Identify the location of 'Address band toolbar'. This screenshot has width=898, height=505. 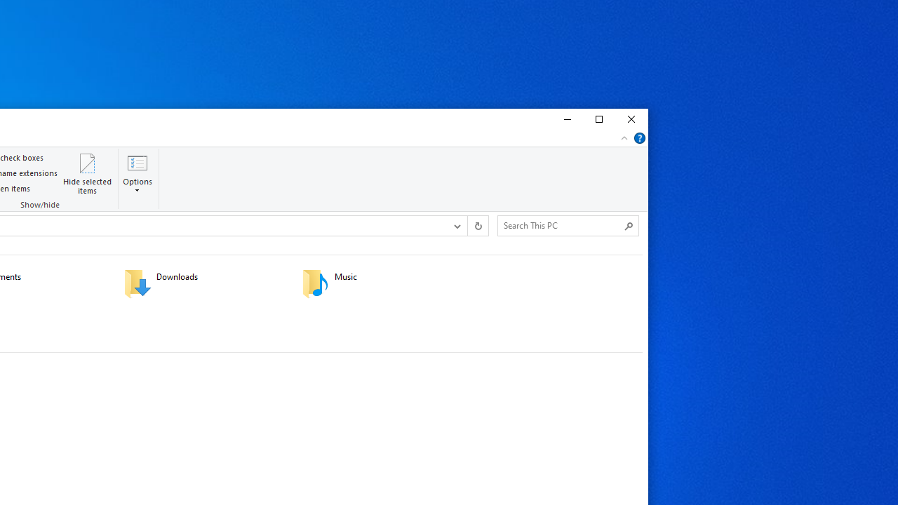
(467, 224).